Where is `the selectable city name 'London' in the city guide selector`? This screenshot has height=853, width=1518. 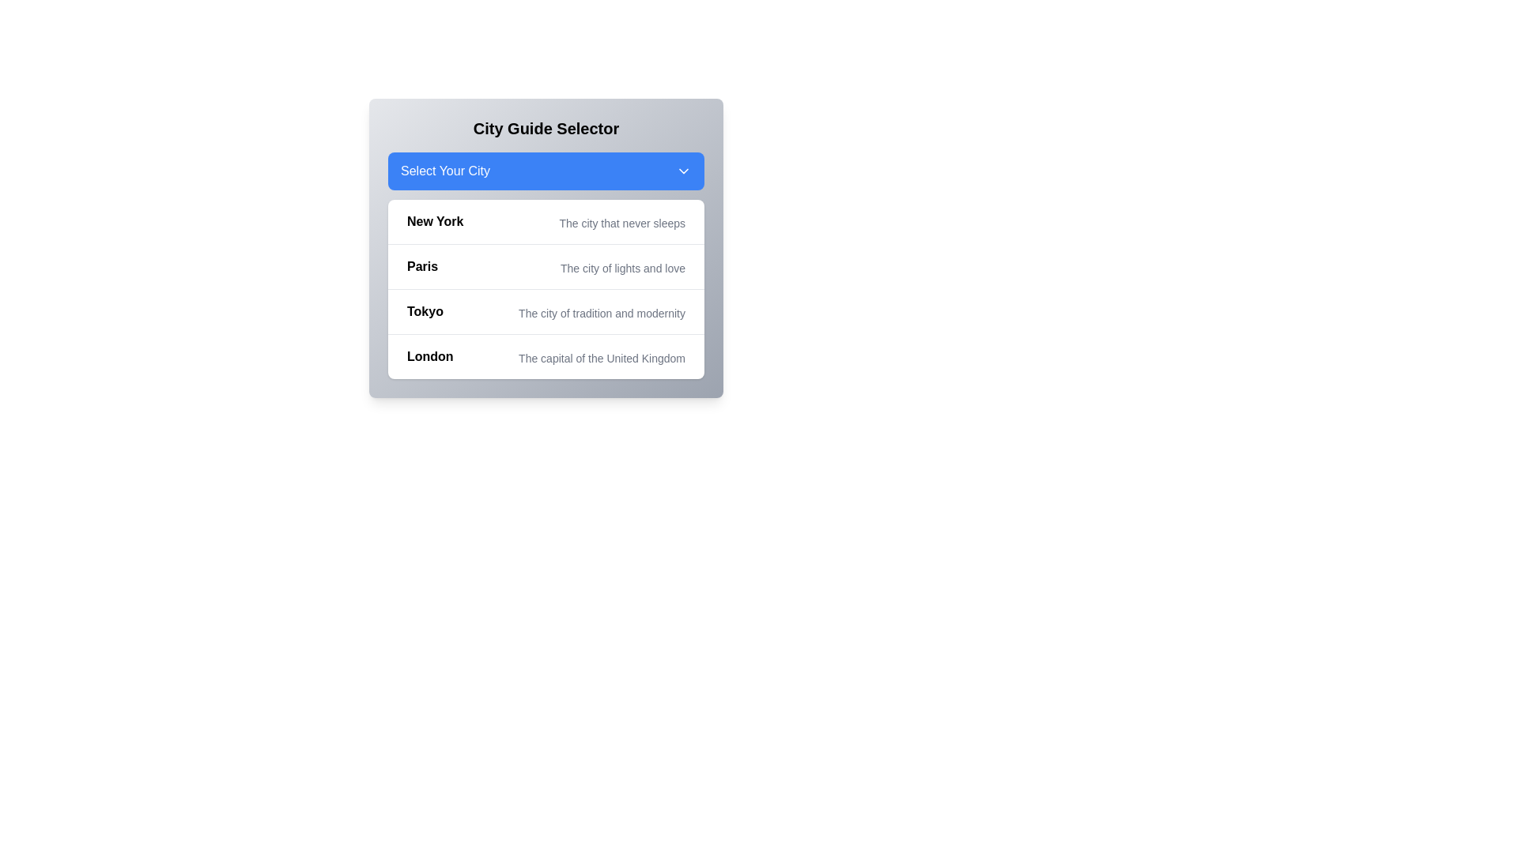 the selectable city name 'London' in the city guide selector is located at coordinates (430, 356).